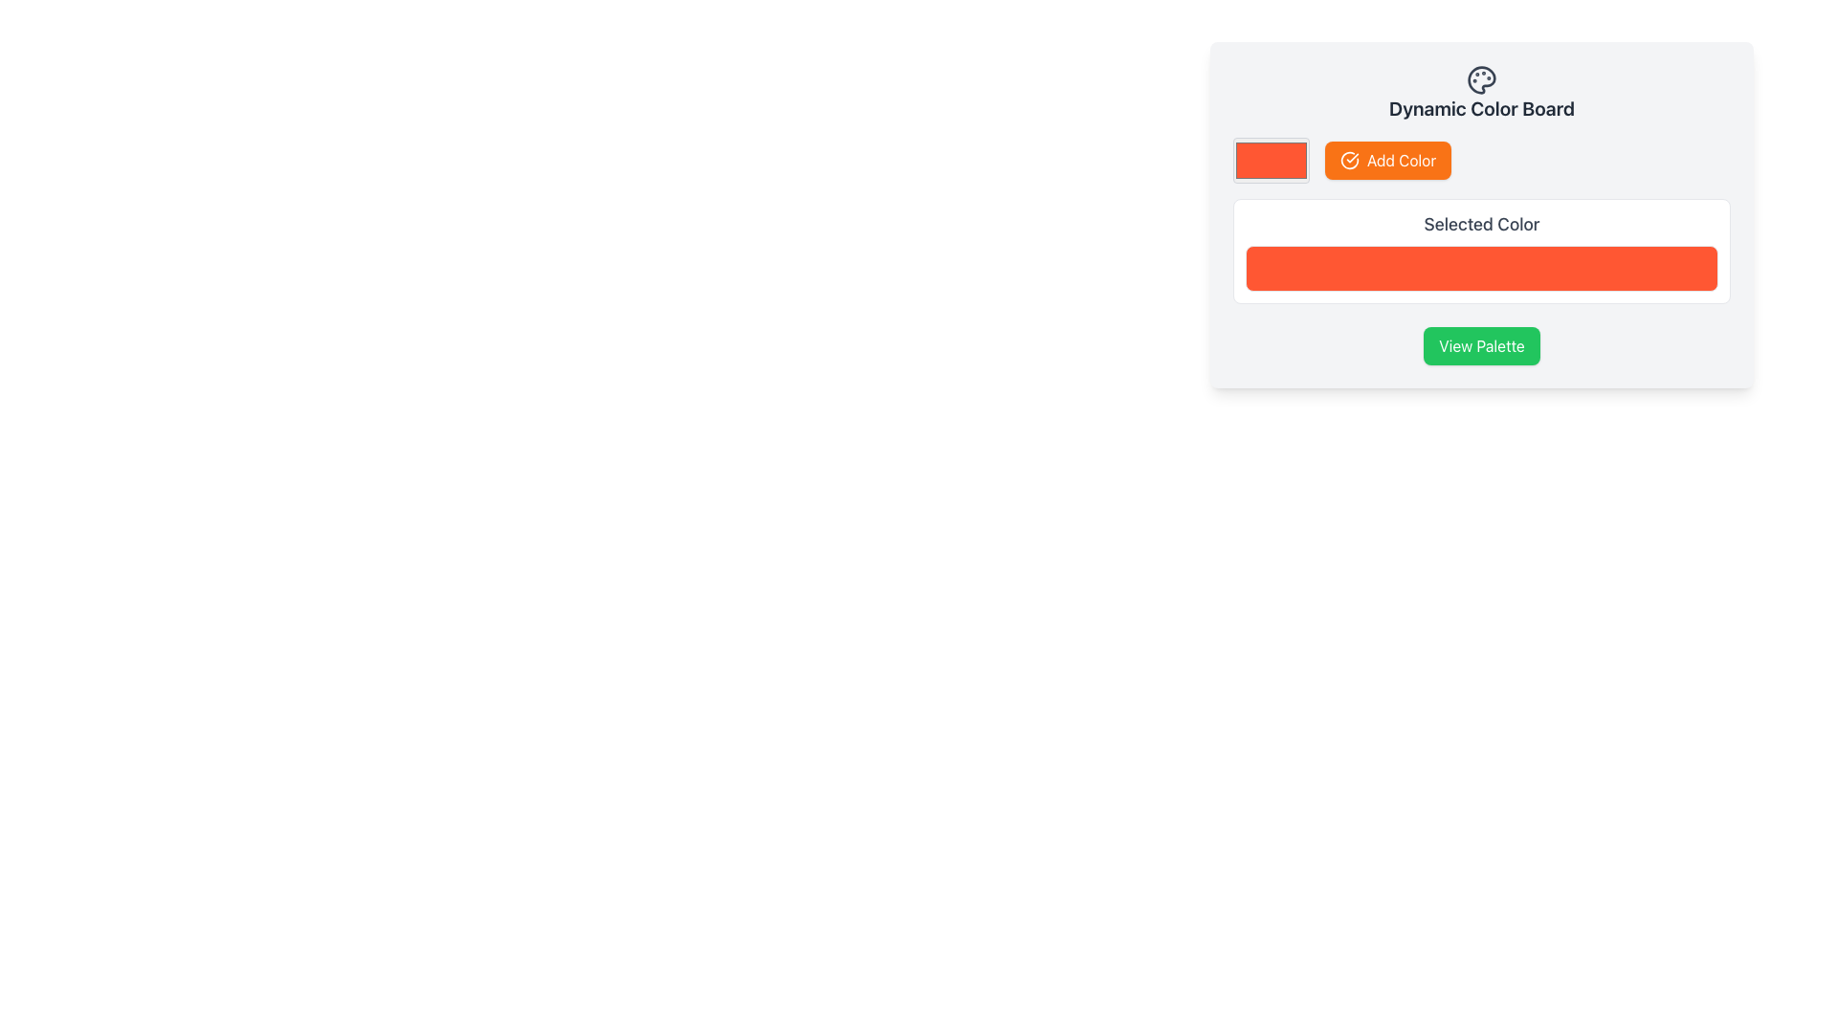 This screenshot has height=1033, width=1837. What do you see at coordinates (1388, 160) in the screenshot?
I see `the 'Add Color' button, which has a bright orange background and white text` at bounding box center [1388, 160].